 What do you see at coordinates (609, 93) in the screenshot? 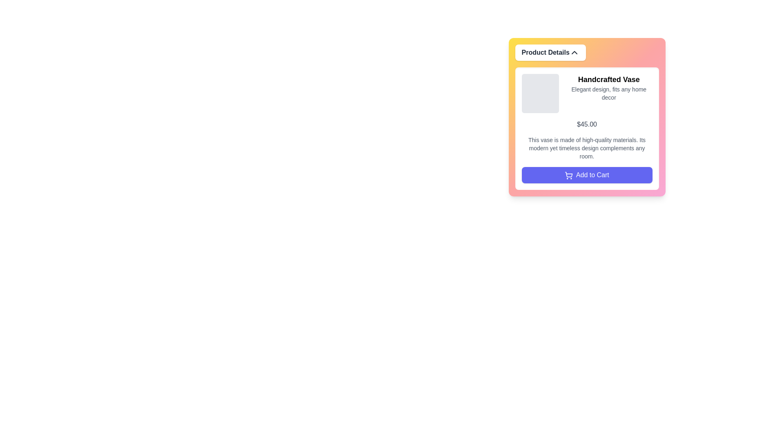
I see `the text snippet saying 'Elegant design, fits any home decor', which is positioned below the title 'Handcrafted Vase' in a card layout` at bounding box center [609, 93].